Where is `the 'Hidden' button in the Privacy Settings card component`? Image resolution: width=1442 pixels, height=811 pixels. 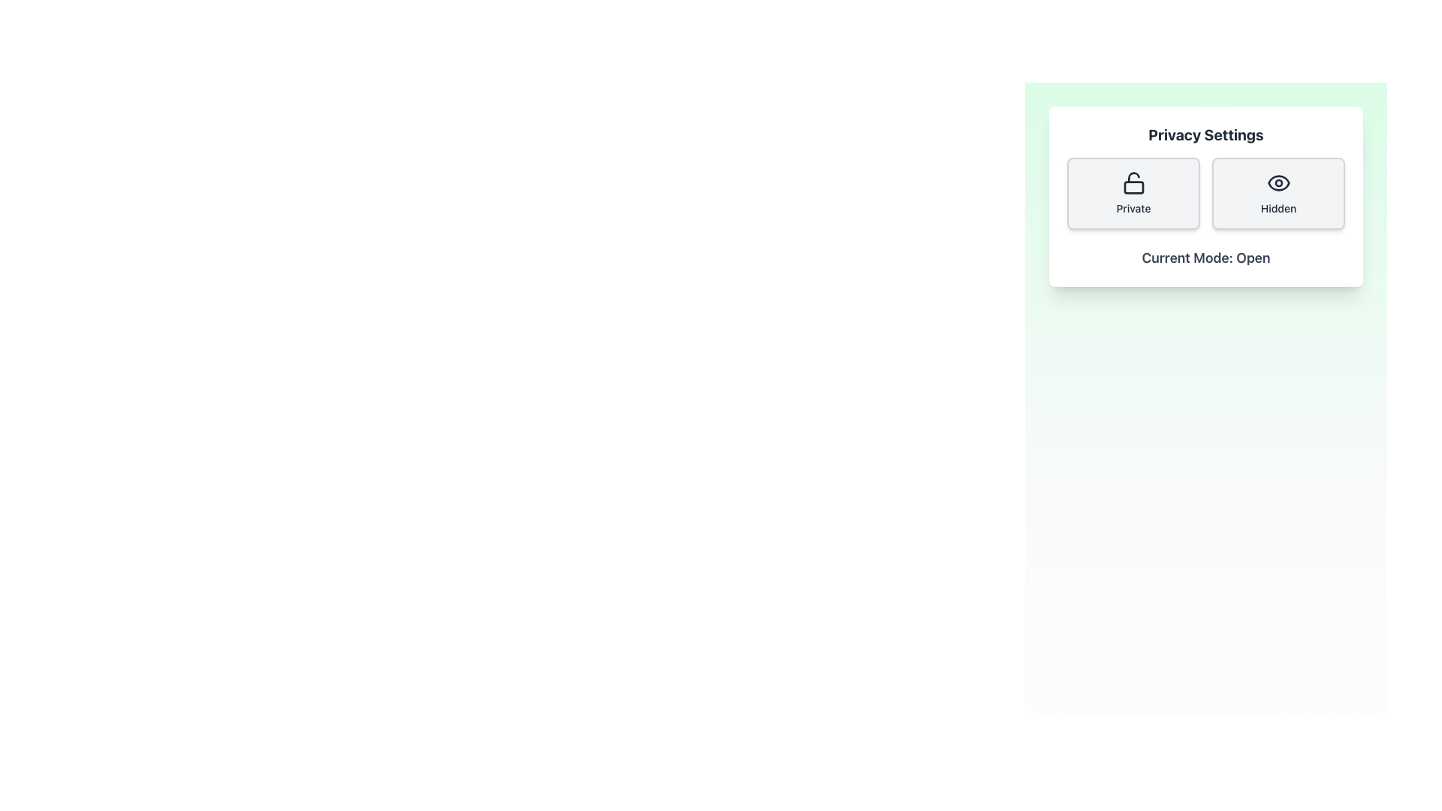 the 'Hidden' button in the Privacy Settings card component is located at coordinates (1206, 196).